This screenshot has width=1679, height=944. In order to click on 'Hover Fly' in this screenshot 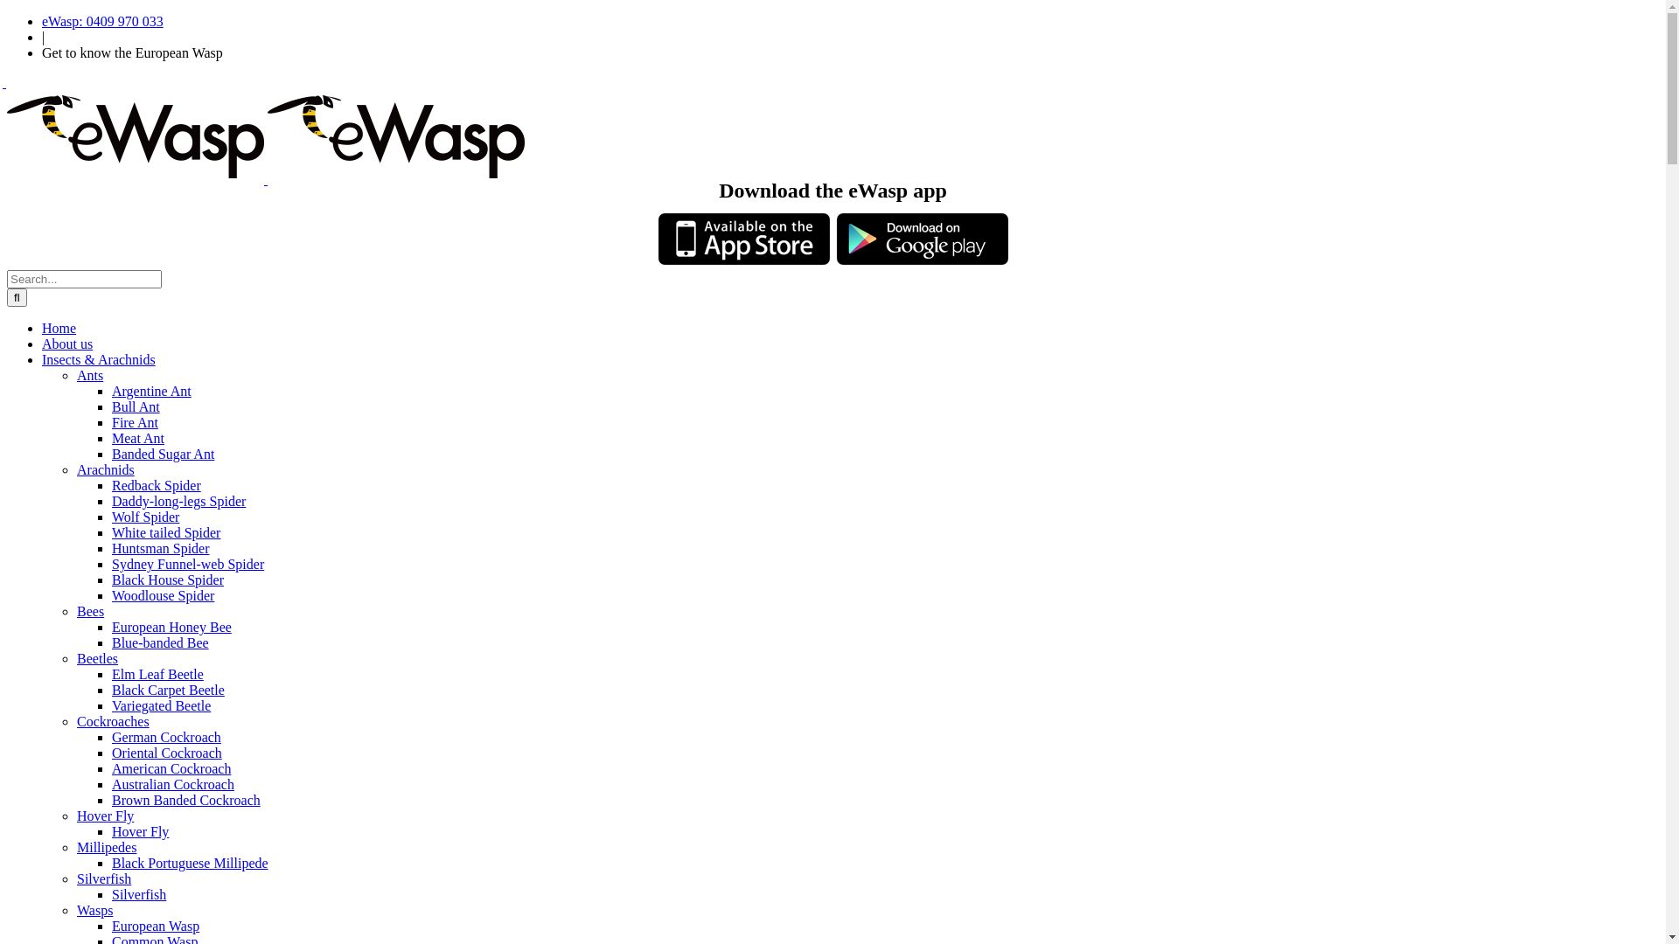, I will do `click(140, 830)`.